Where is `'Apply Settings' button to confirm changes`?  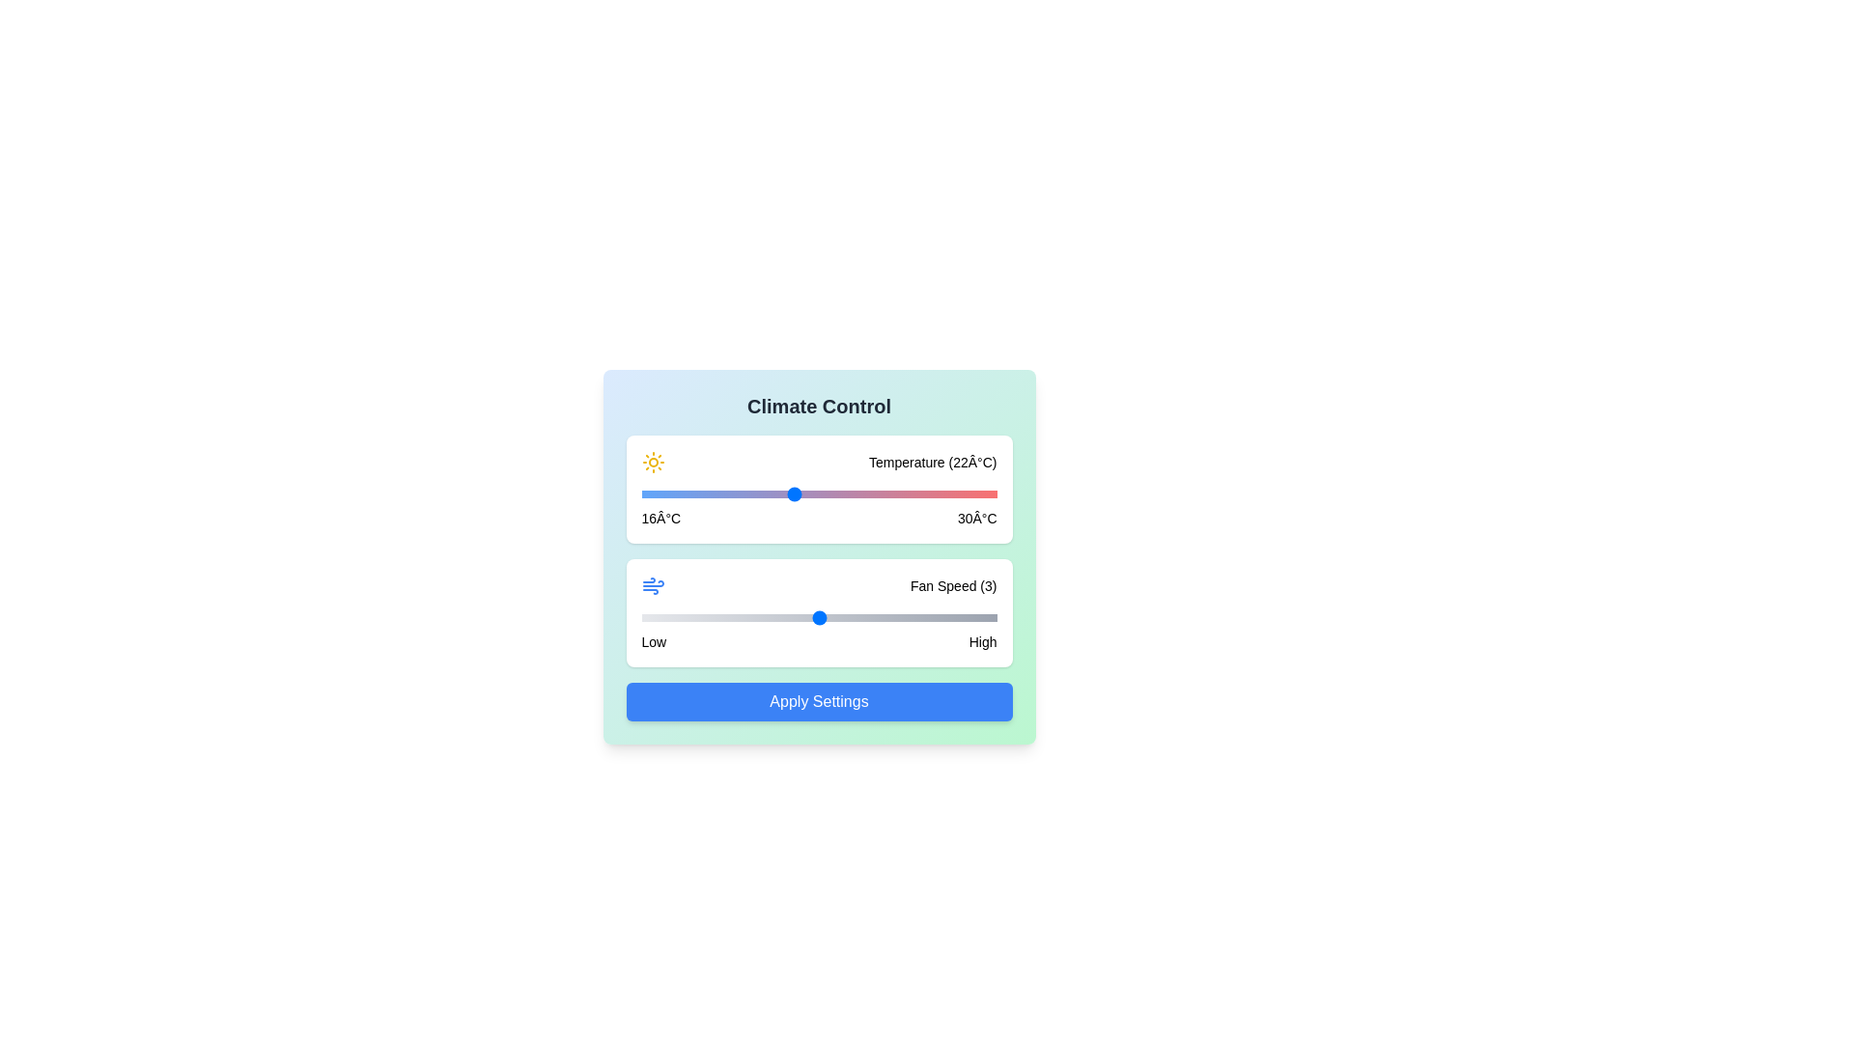 'Apply Settings' button to confirm changes is located at coordinates (819, 701).